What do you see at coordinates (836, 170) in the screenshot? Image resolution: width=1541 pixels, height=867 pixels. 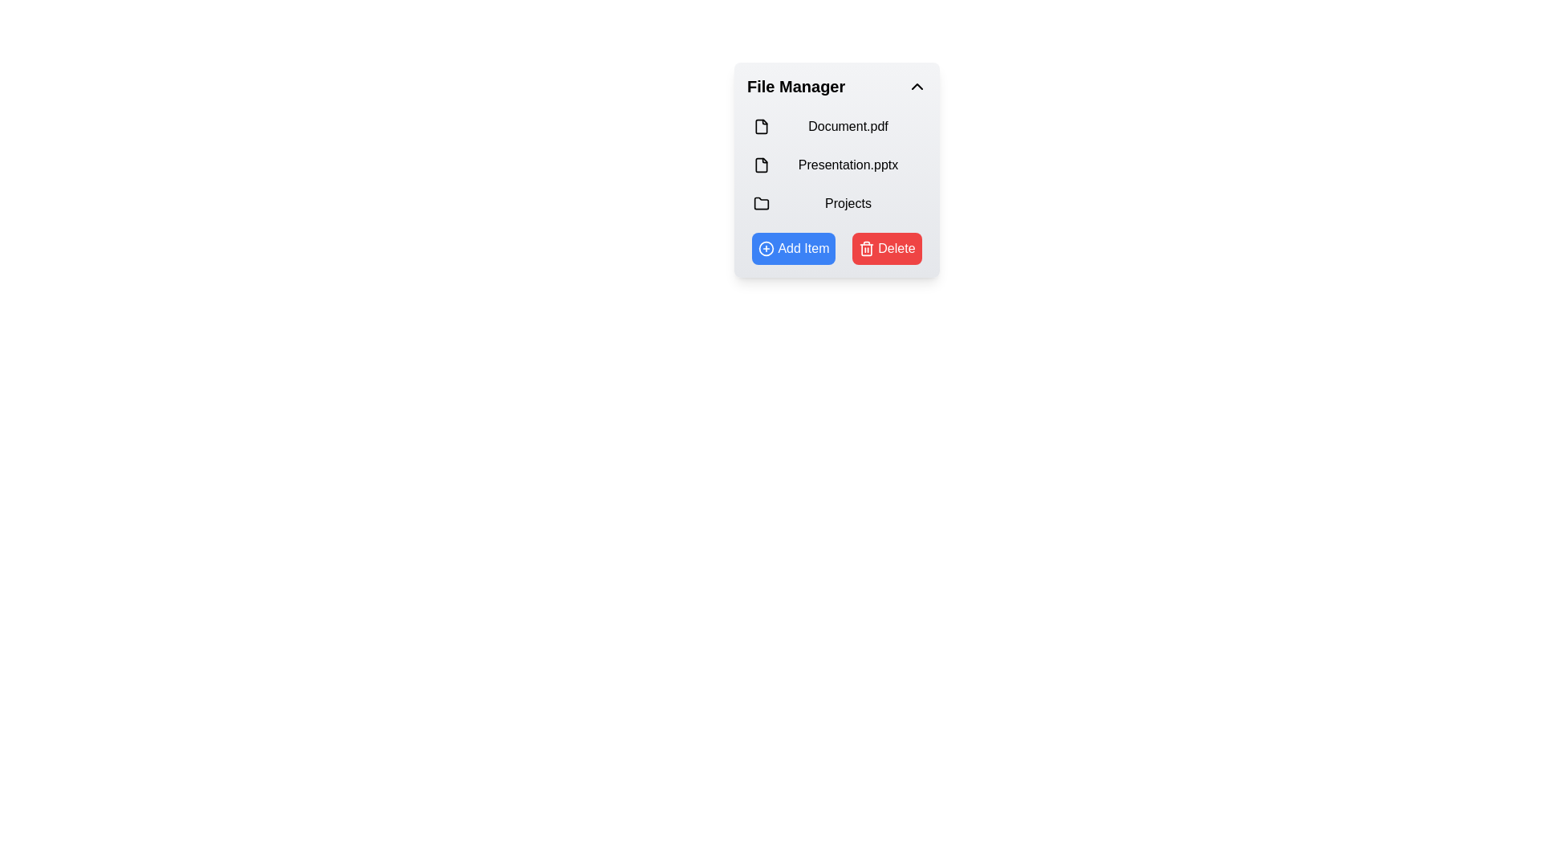 I see `the file entry item labeled 'Presentation.pptx' in the file manager list` at bounding box center [836, 170].